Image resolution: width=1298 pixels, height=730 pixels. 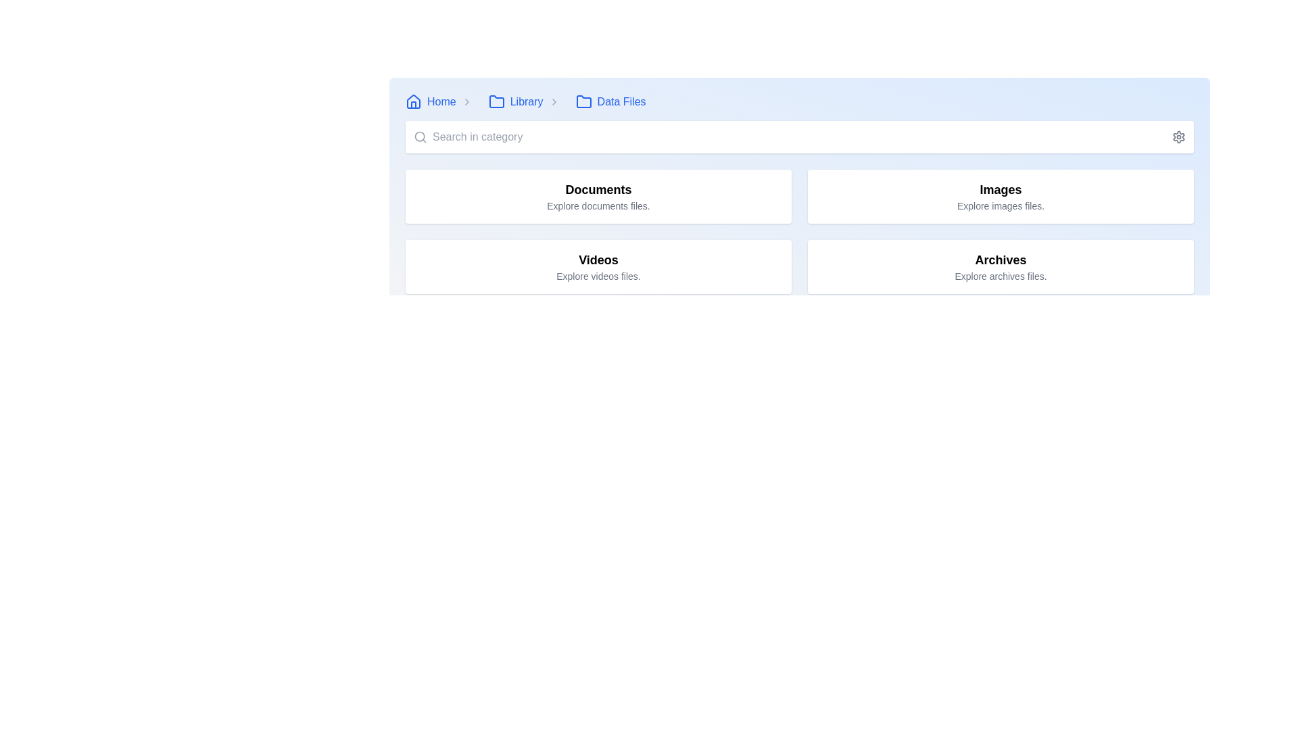 What do you see at coordinates (1001, 205) in the screenshot?
I see `the static text element reading 'Explore images files.' which is styled in gray and positioned directly below the title 'Images' in the top-right section of the grid layout` at bounding box center [1001, 205].